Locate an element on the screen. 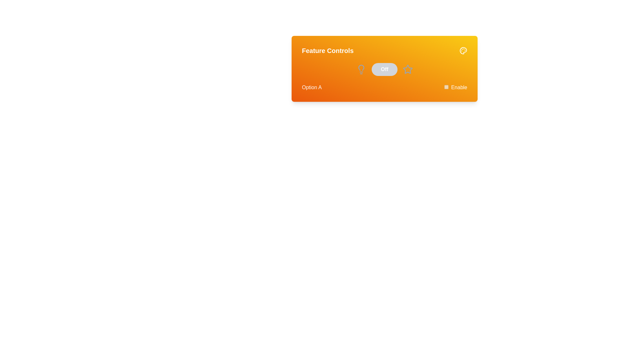  the prominent star-shaped icon with a hollow center and gray outline, located on an orange background, positioned between a toggle button labeled 'Off' and other elements in the 'Feature Controls' section is located at coordinates (407, 69).